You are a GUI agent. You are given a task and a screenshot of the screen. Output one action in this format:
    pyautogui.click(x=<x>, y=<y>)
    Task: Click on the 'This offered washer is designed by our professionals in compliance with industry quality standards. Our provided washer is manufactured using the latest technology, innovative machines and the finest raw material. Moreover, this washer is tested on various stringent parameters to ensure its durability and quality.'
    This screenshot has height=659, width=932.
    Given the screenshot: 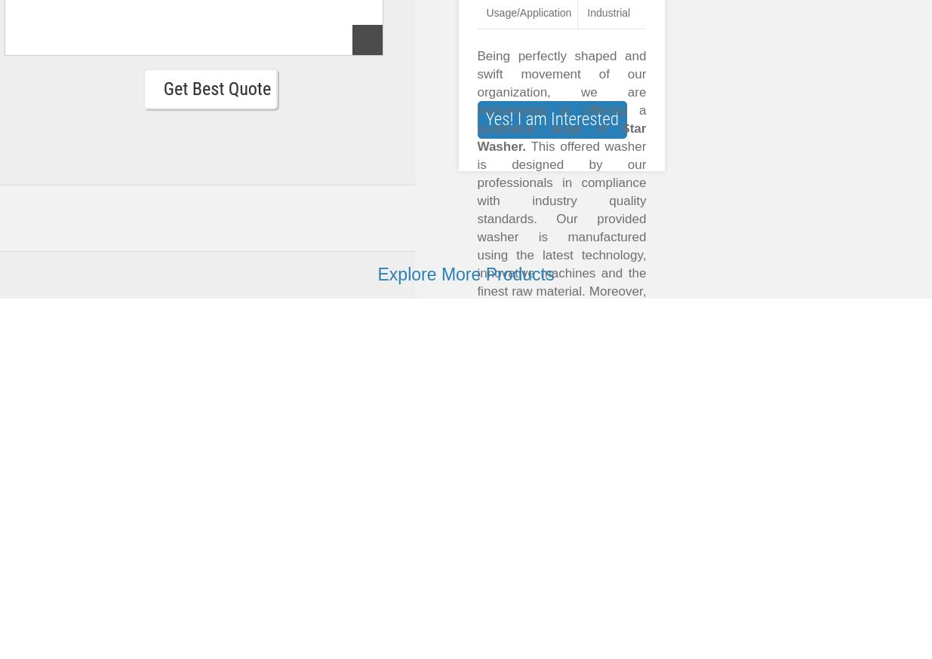 What is the action you would take?
    pyautogui.click(x=476, y=254)
    